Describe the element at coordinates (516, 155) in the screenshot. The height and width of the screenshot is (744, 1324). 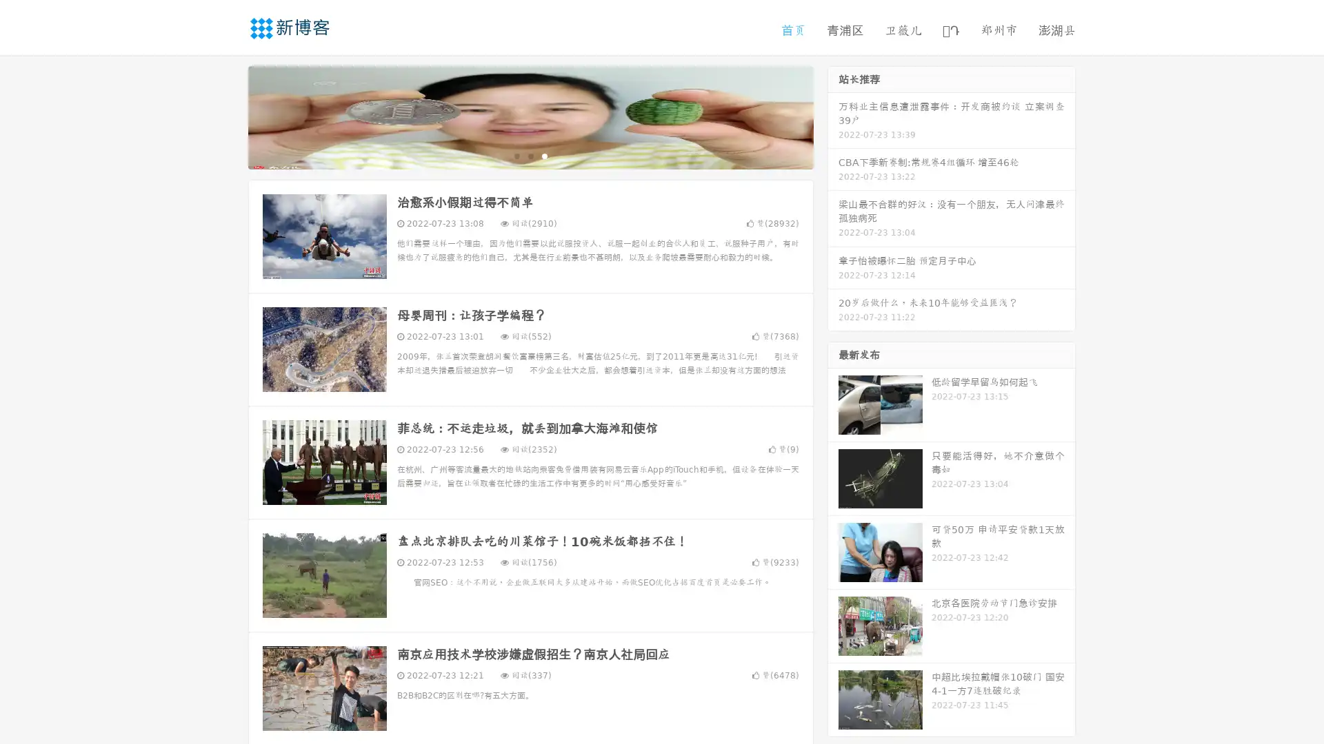
I see `Go to slide 1` at that location.